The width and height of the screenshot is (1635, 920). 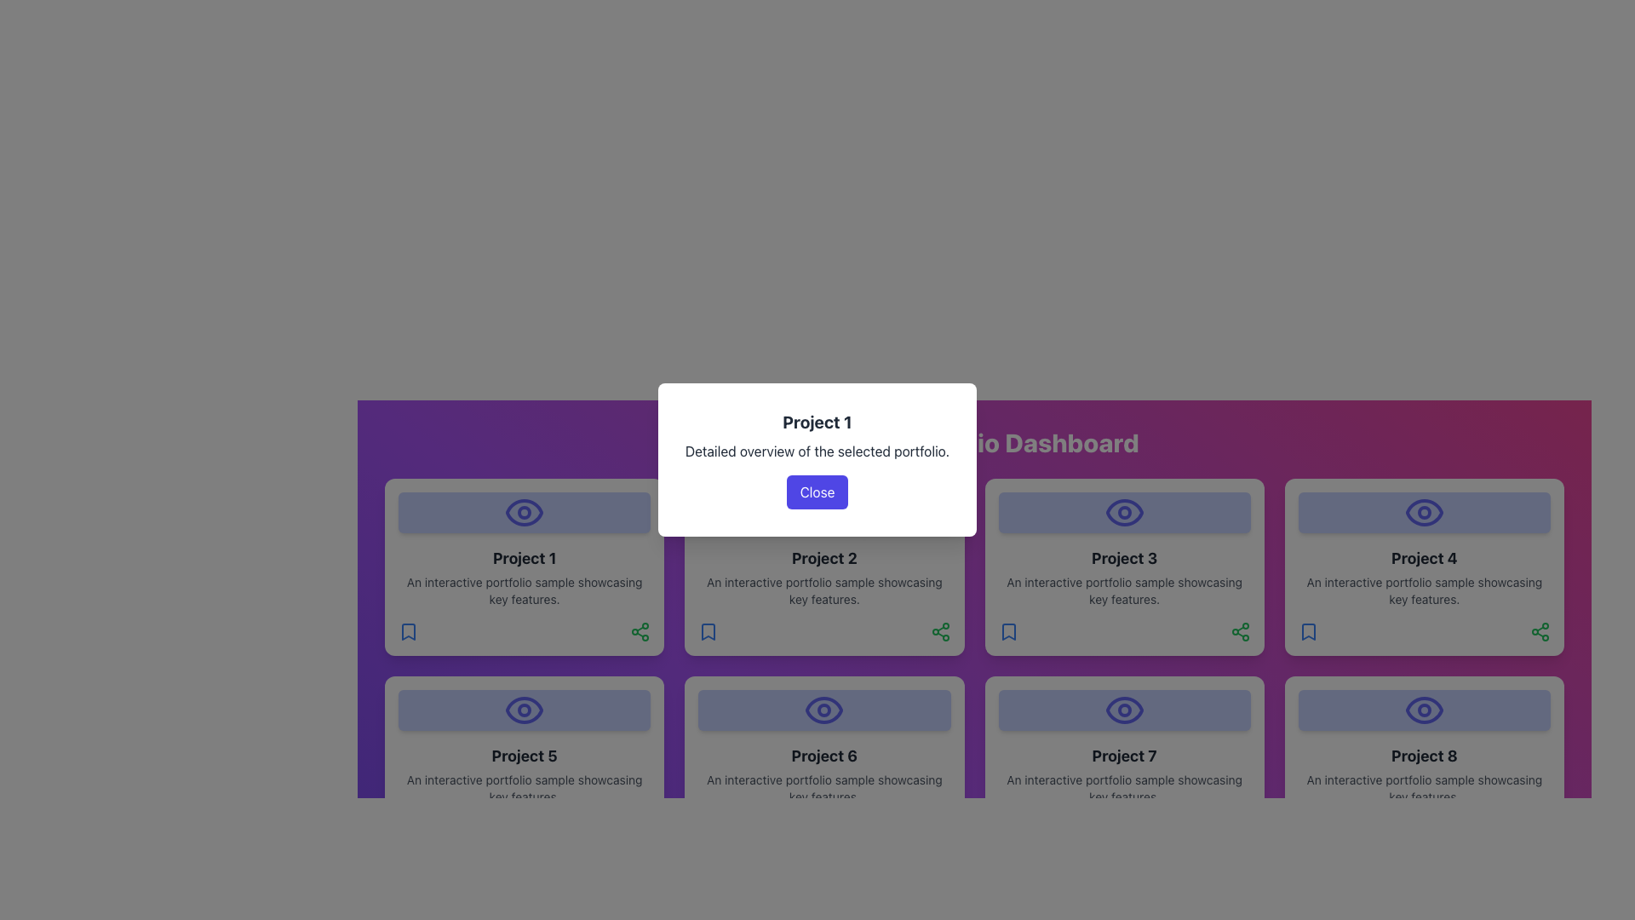 I want to click on the text label indicating the title of the eighth project in the portfolio grid, which is centrally positioned below a blue icon and above smaller descriptive text, so click(x=1424, y=755).